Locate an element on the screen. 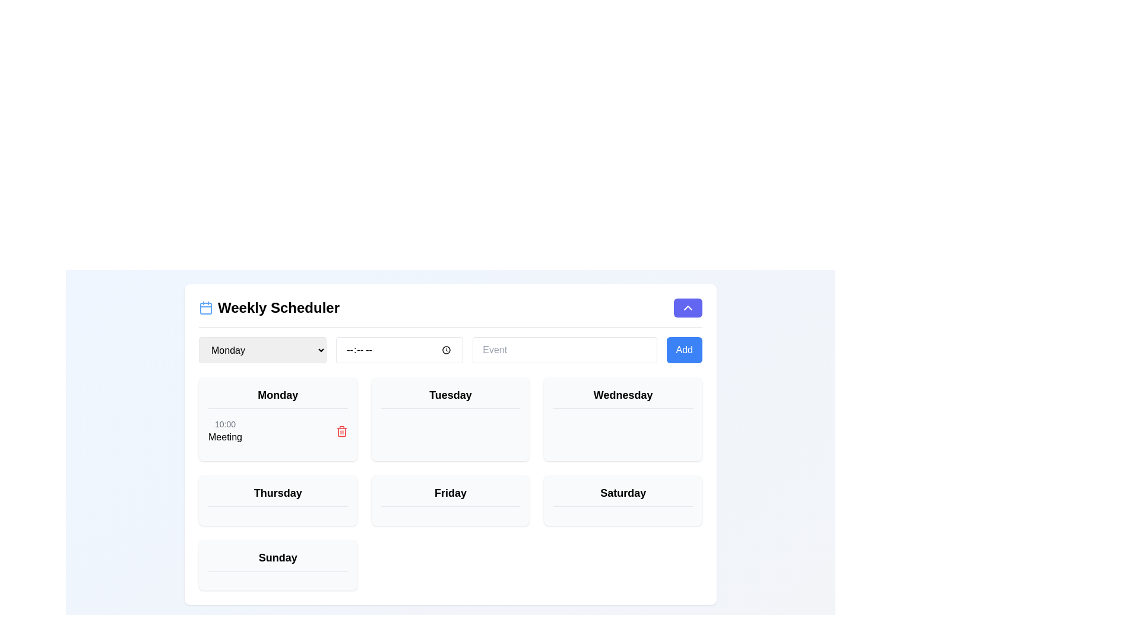 The height and width of the screenshot is (641, 1140). text content of the text block component displaying the event scheduled for 'Monday', which shows the time '10:00' and the description 'Meeting' is located at coordinates (225, 431).